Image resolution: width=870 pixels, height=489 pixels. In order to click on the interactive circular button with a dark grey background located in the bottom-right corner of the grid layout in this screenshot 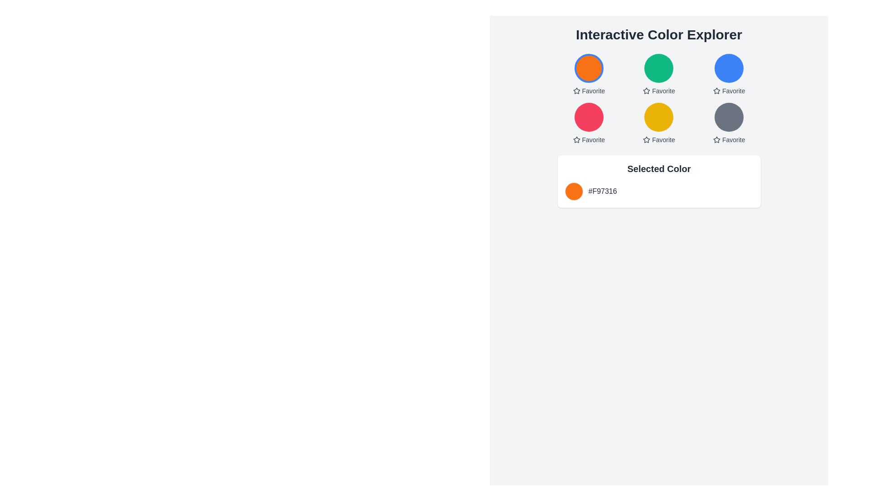, I will do `click(729, 124)`.